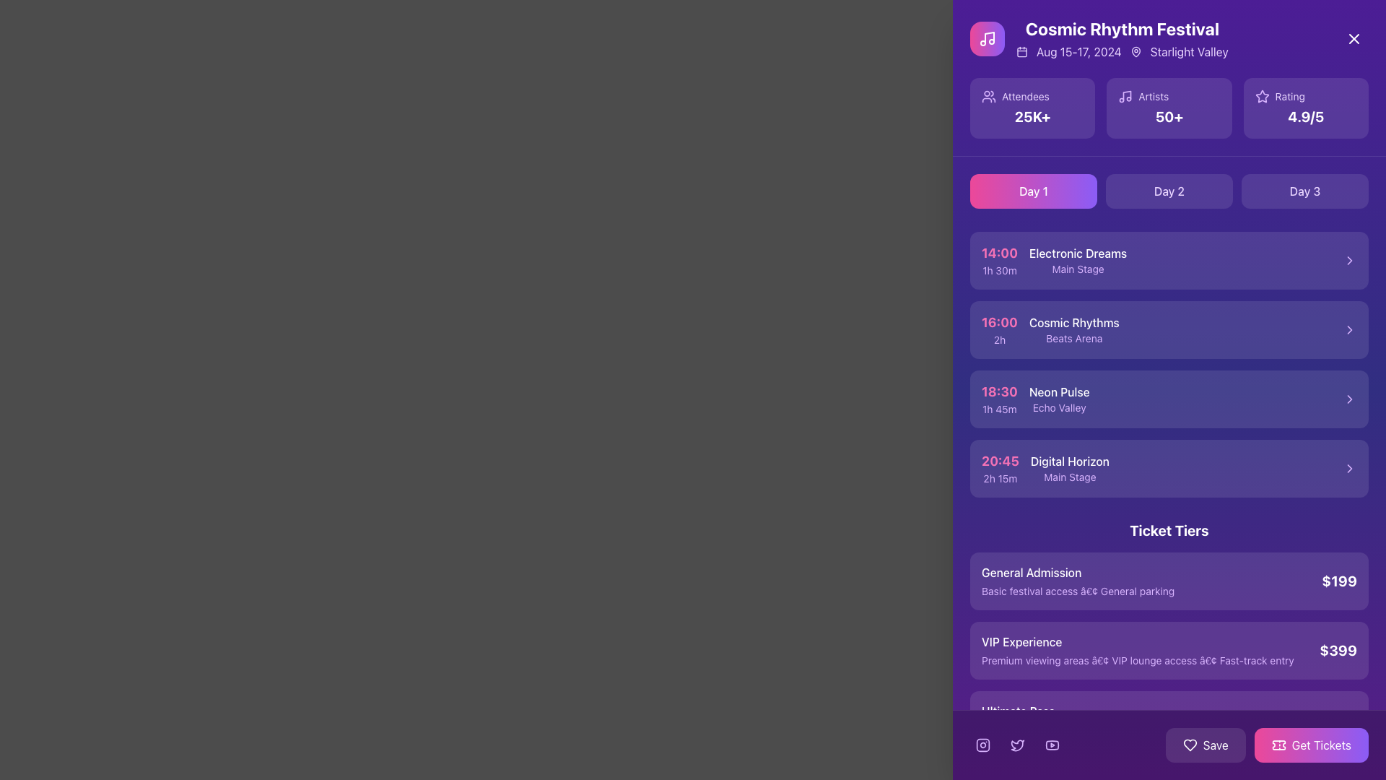 The height and width of the screenshot is (780, 1386). I want to click on the text label reading 'Beats Arena', which is styled in a small, purple-colored font and located below 'Cosmic Rhythms' in the 16:00 event section of the schedule, so click(1074, 339).